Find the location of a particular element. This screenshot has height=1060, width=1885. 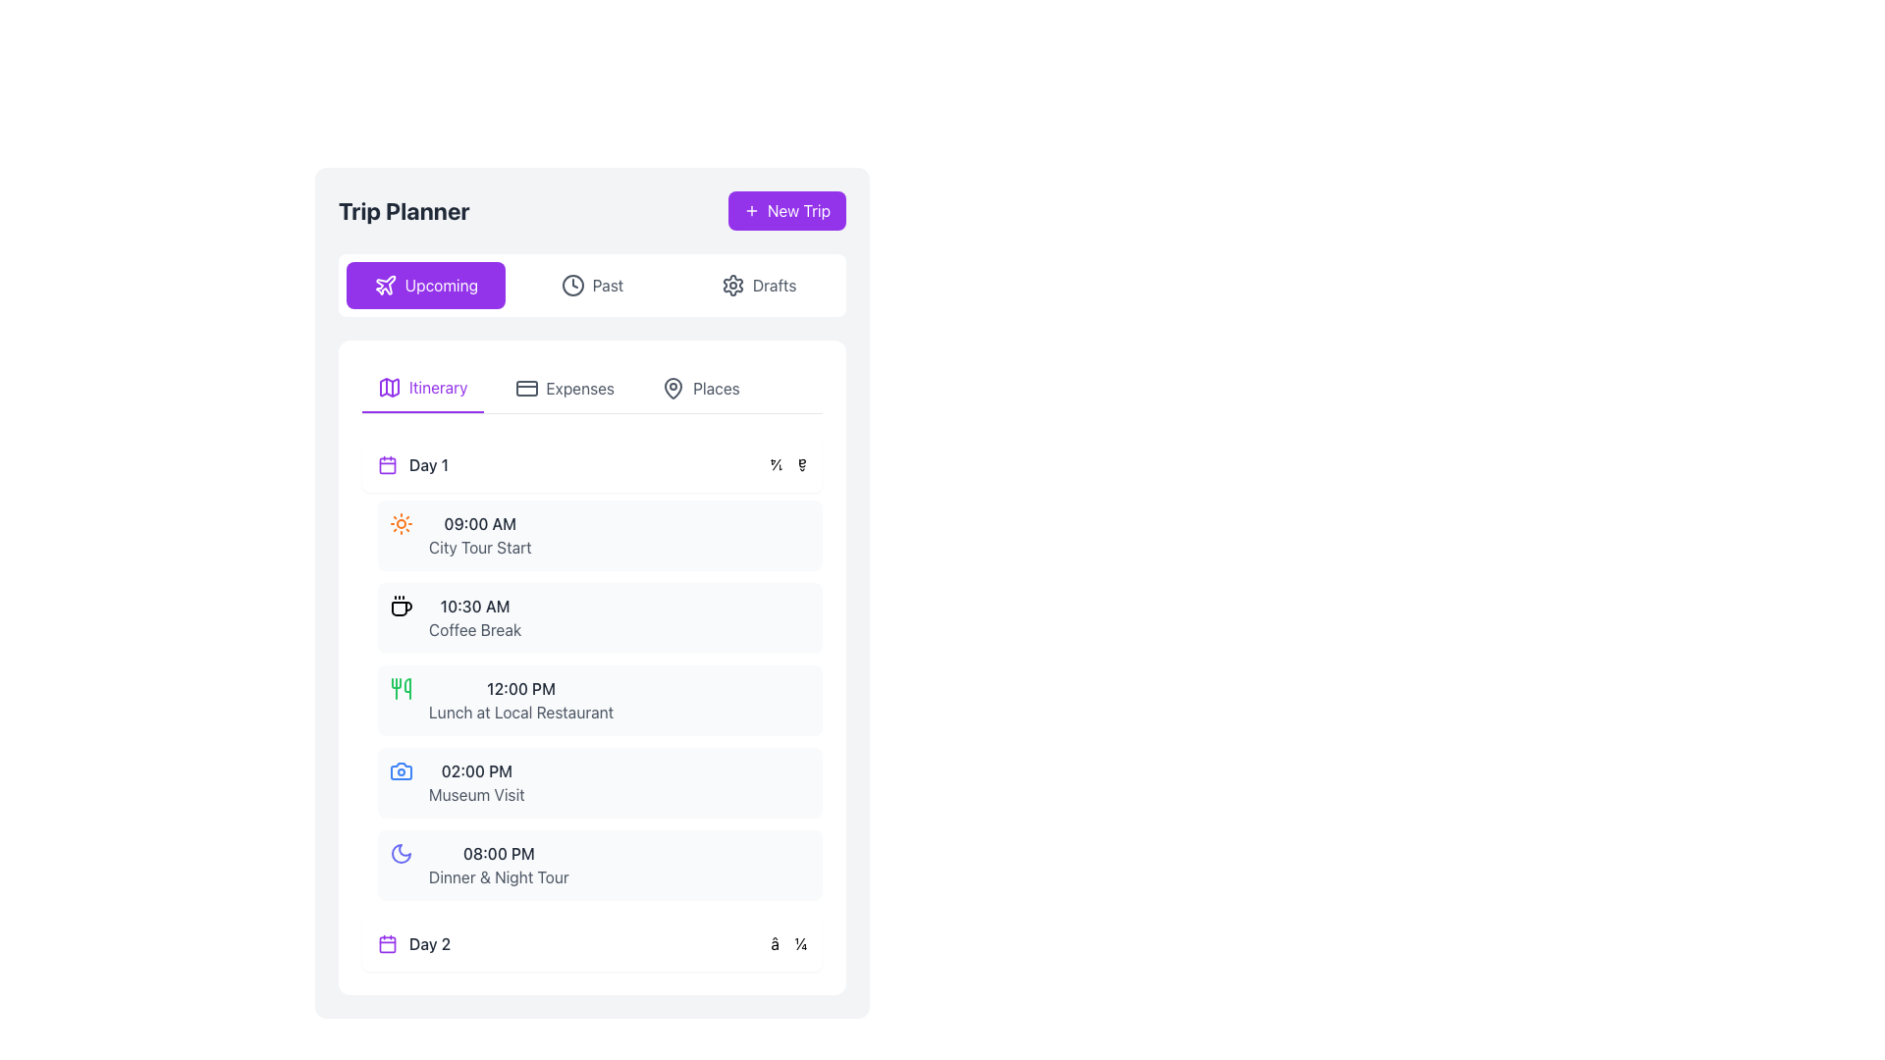

the 'Past trips' button located between the 'Upcoming' and 'Drafts' buttons in the top section of the 'Trip Planner' application is located at coordinates (591, 285).